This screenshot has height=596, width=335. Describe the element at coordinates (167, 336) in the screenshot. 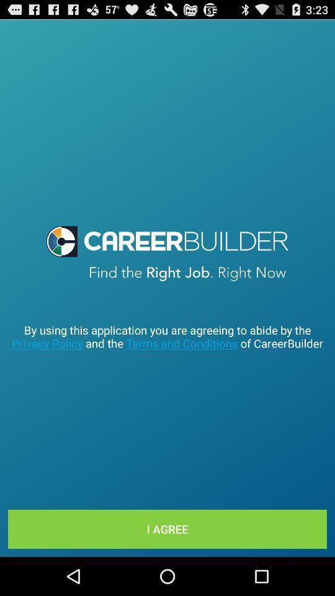

I see `by using this` at that location.